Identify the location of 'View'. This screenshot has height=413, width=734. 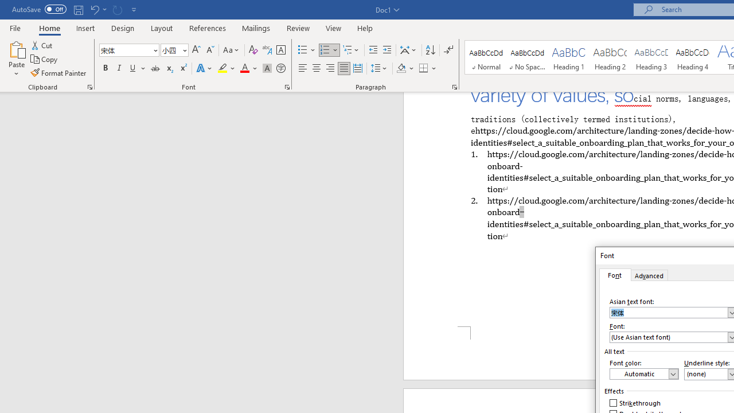
(333, 28).